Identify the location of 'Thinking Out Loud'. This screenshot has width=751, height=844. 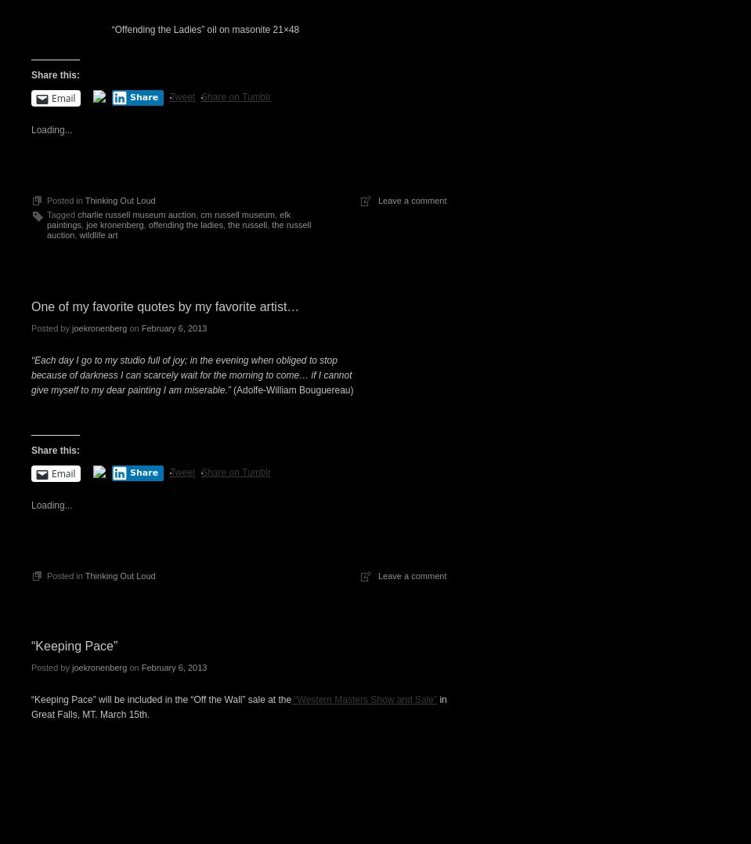
(118, 199).